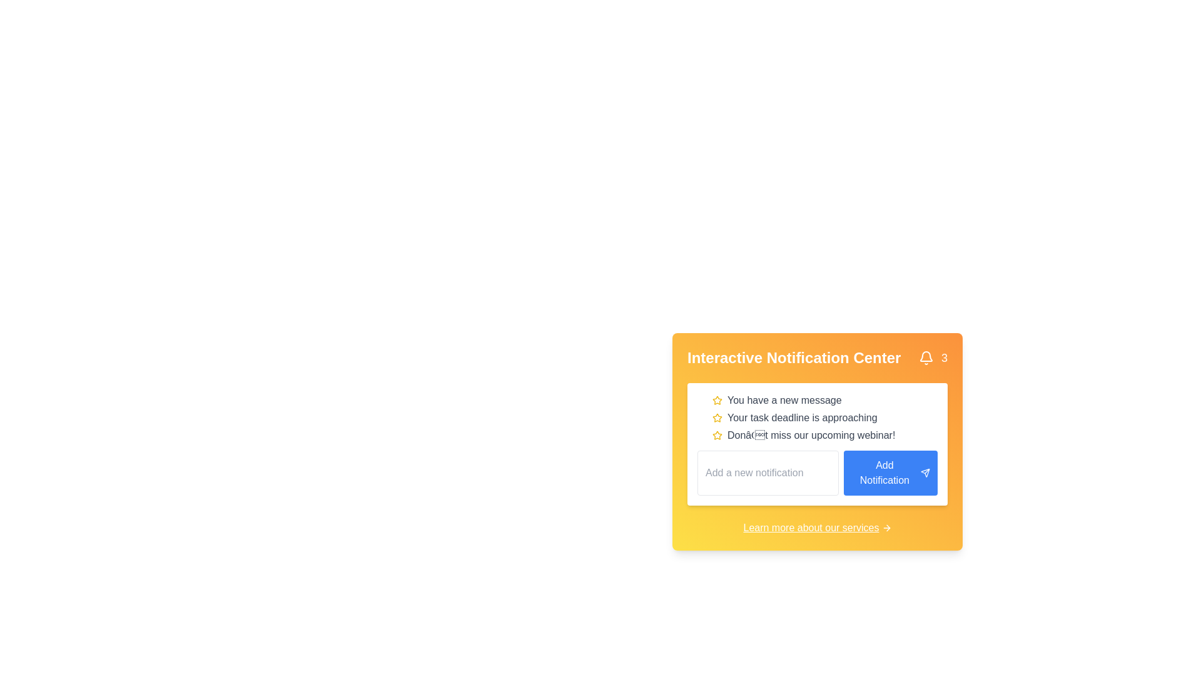 This screenshot has height=675, width=1201. Describe the element at coordinates (925, 472) in the screenshot. I see `the notification submission icon located at the top-right corner of the 'Add Notification' button` at that location.